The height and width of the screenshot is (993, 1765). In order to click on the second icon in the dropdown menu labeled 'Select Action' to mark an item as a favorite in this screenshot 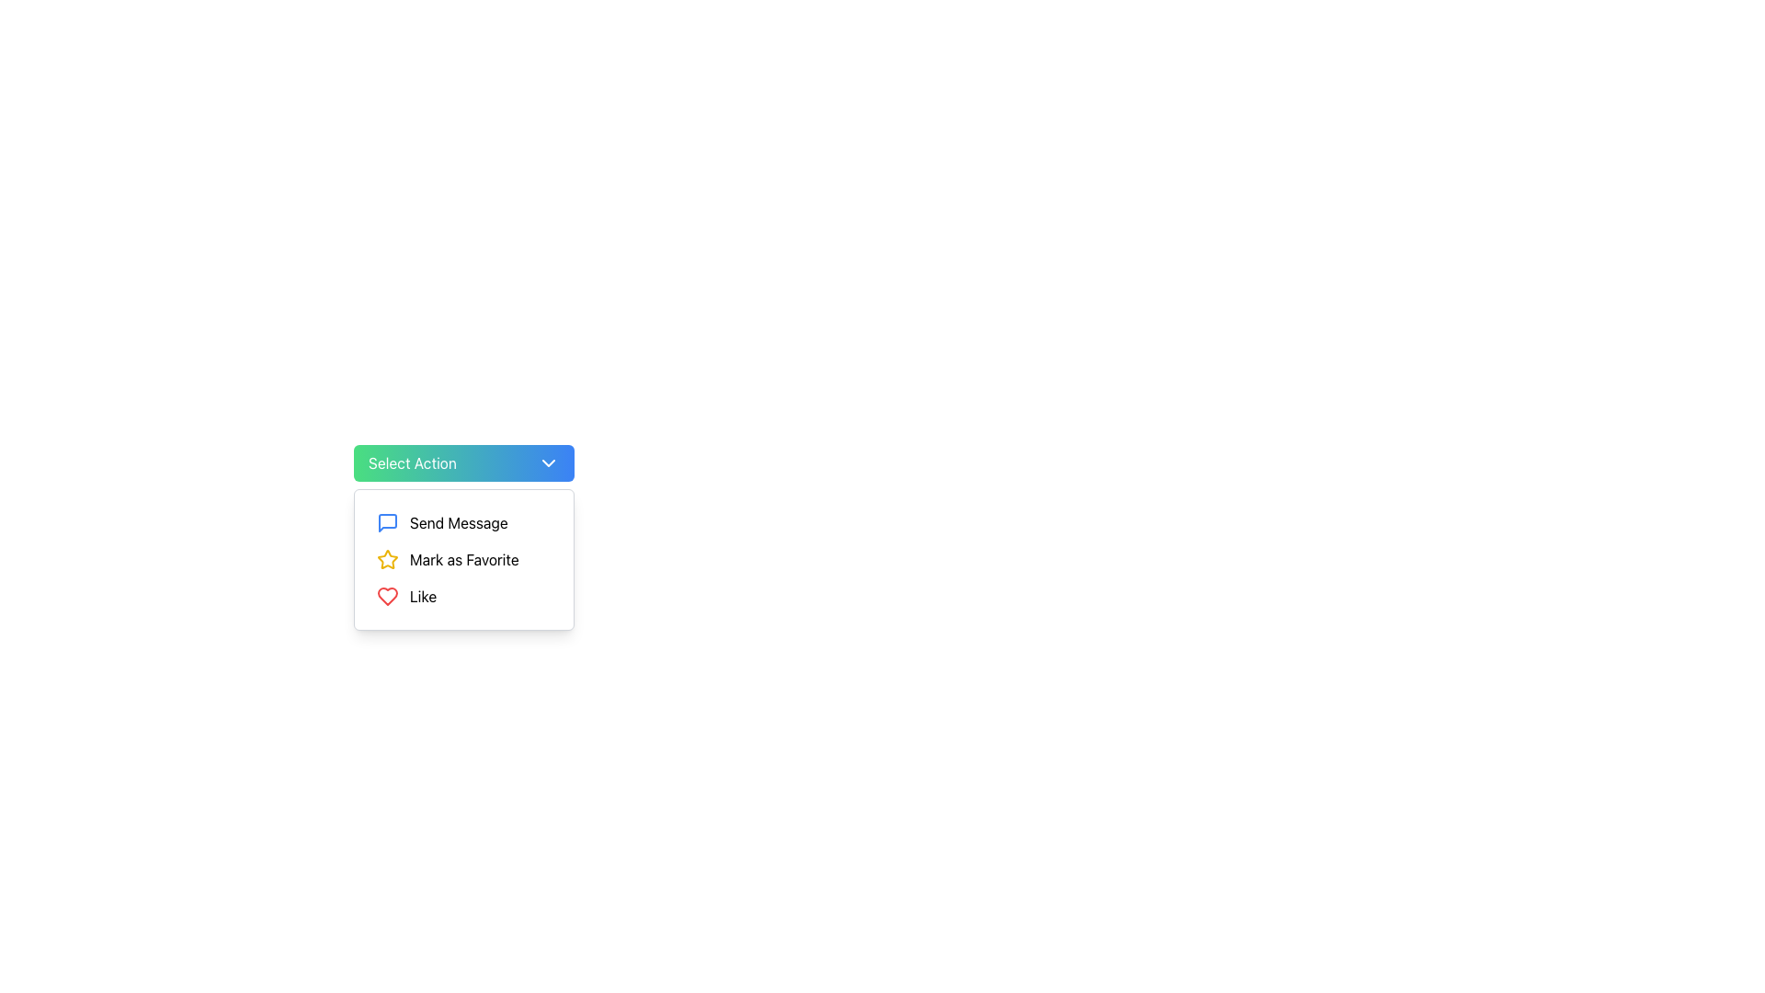, I will do `click(387, 558)`.